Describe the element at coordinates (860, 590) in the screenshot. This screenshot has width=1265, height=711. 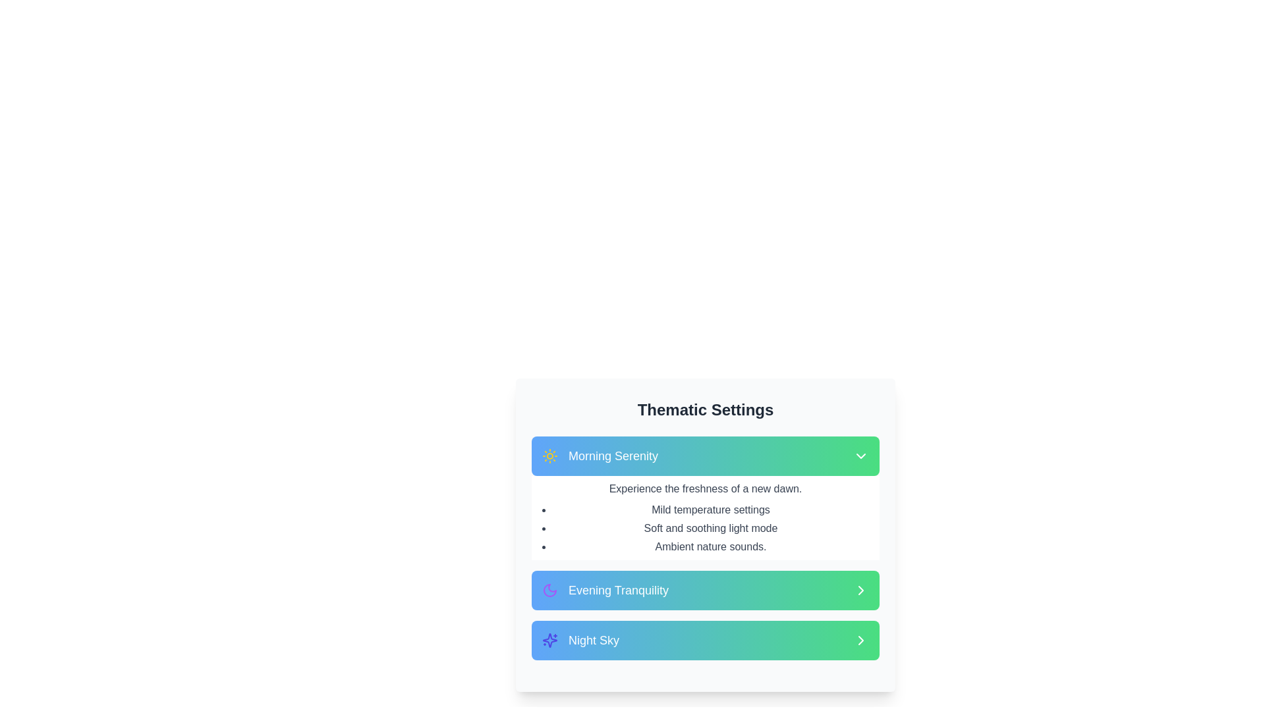
I see `the navigation icon located within the 'Evening Tranquility' section, positioned on the far right of the green gradient background` at that location.